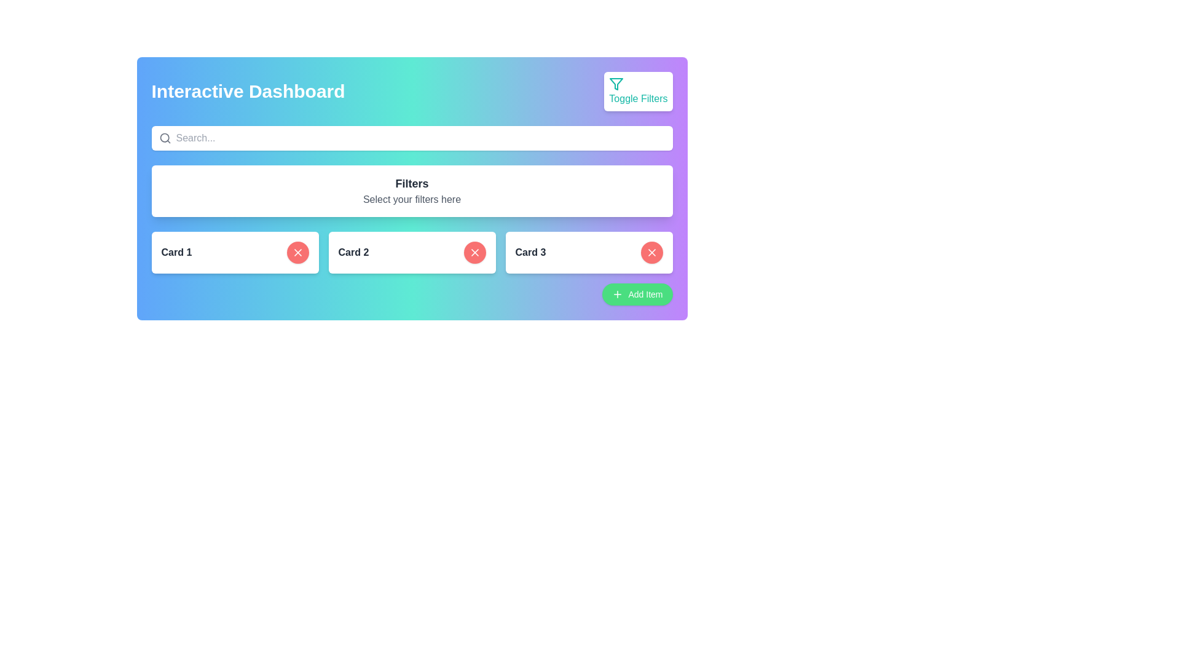 The image size is (1180, 664). Describe the element at coordinates (412, 189) in the screenshot. I see `text in the 'Filters' section, which includes the title and subtitle, located at the center of the section with a white background and rounded corners` at that location.